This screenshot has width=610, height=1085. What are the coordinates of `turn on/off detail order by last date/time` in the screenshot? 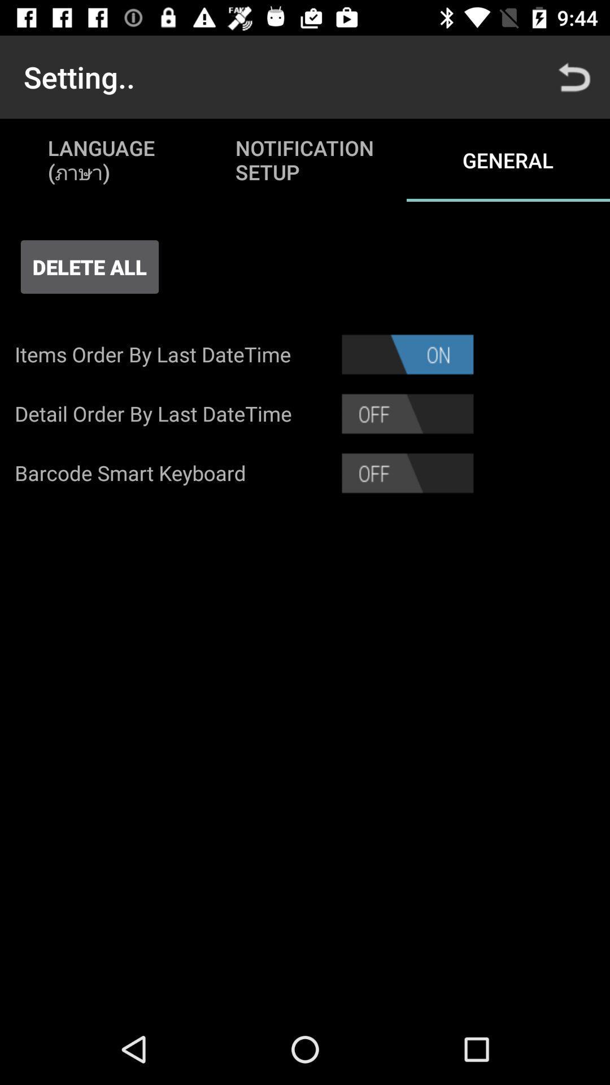 It's located at (407, 413).